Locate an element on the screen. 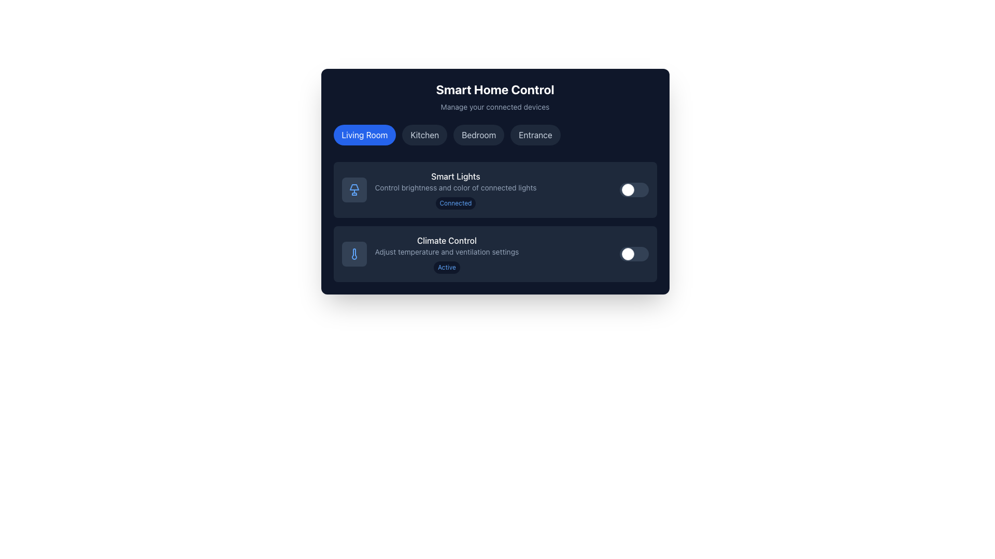 This screenshot has width=995, height=559. the 'Living Room' button, which is the first button in a series positioned horizontally at the top of the main interface, to receive visual feedback is located at coordinates (364, 135).